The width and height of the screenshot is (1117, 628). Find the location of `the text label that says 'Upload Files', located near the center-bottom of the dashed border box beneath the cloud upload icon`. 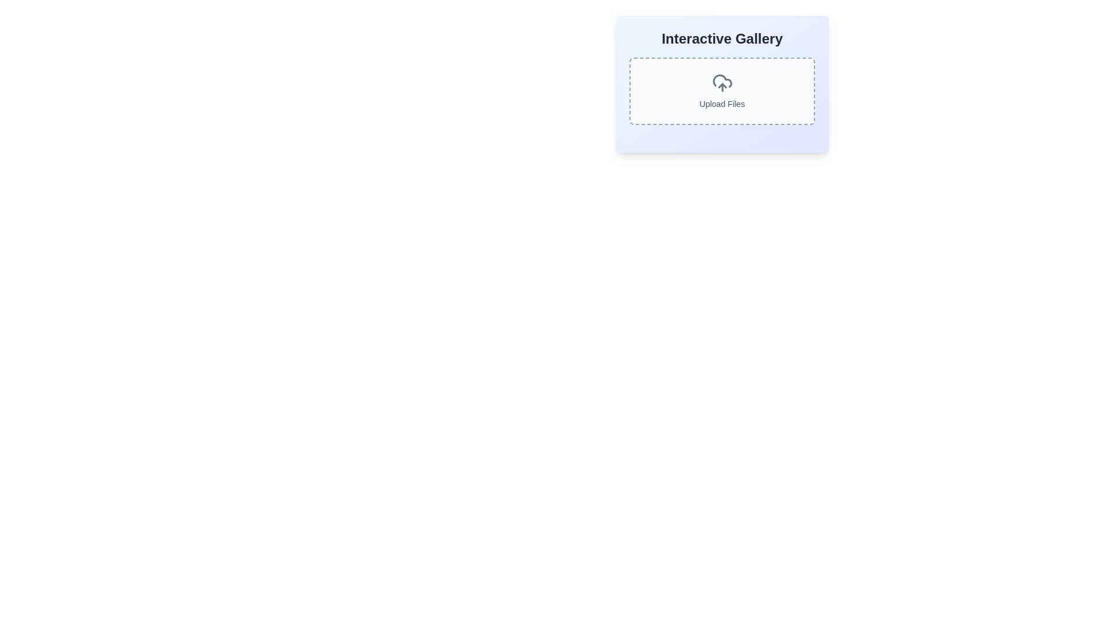

the text label that says 'Upload Files', located near the center-bottom of the dashed border box beneath the cloud upload icon is located at coordinates (721, 103).